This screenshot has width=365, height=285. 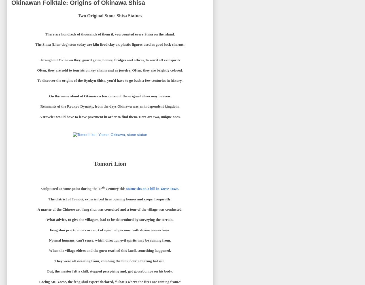 I want to click on 'There are hundreds of thousands of them if, you counted every Shisa on the island.', so click(x=45, y=34).